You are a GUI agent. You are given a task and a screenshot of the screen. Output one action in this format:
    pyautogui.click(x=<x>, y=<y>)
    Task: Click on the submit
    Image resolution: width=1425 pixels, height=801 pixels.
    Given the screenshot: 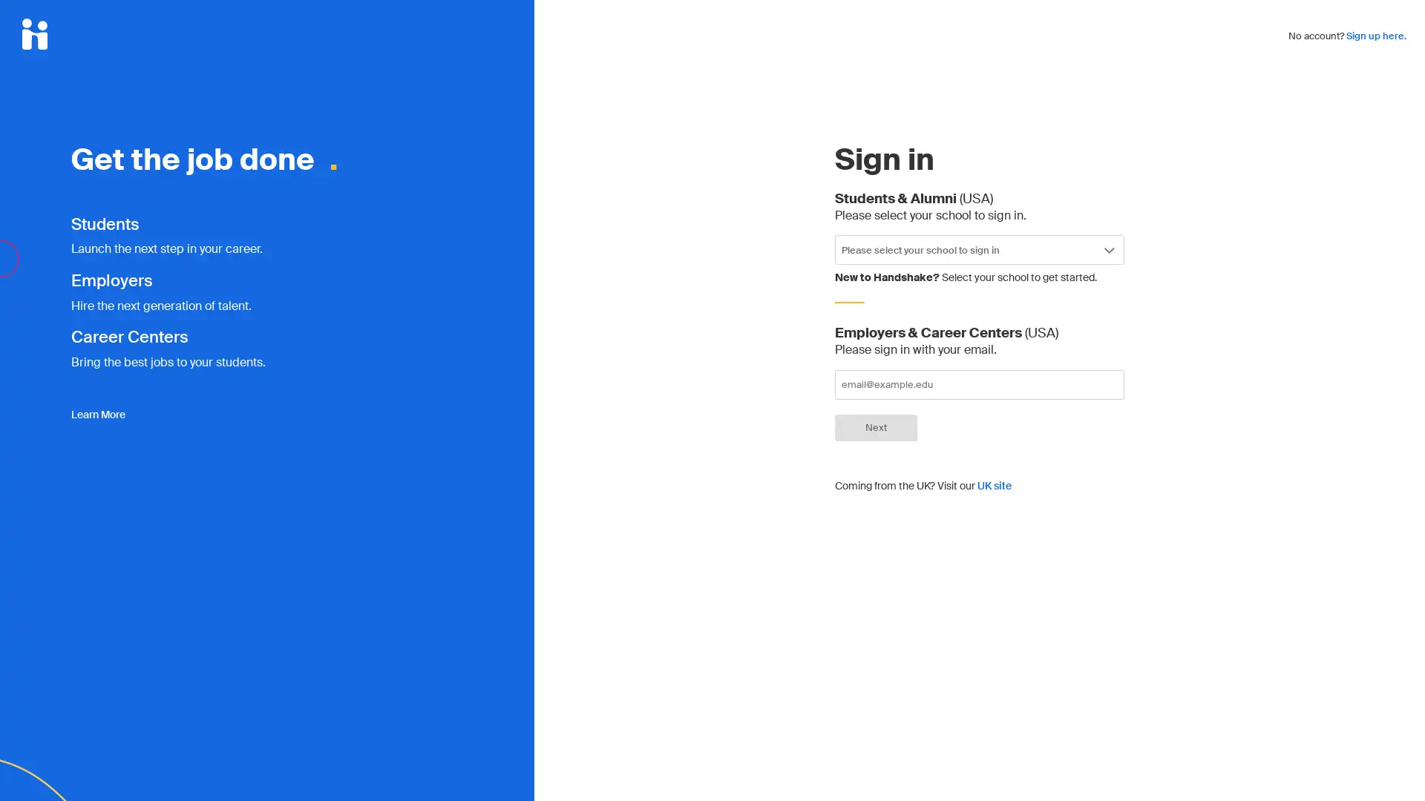 What is the action you would take?
    pyautogui.click(x=876, y=427)
    